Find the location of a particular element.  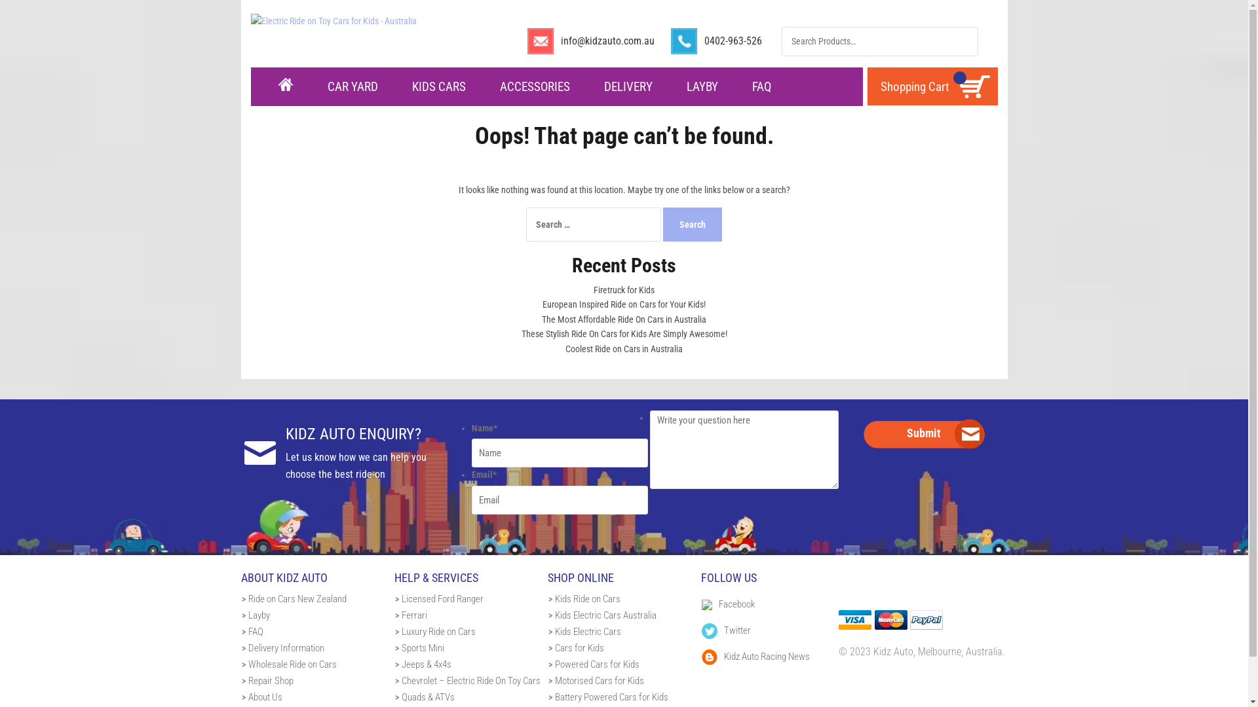

'KIDS CARS' is located at coordinates (438, 87).